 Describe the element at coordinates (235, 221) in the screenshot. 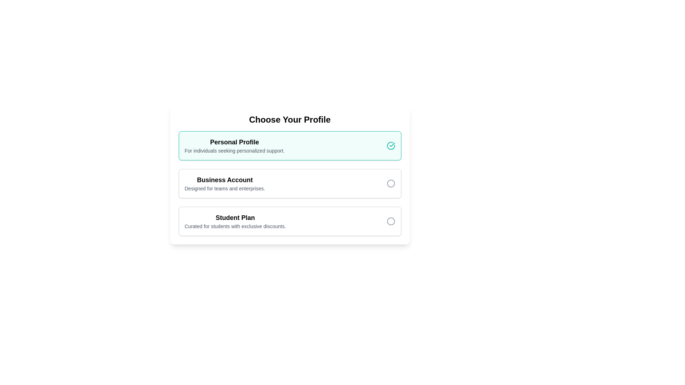

I see `the 'Student Plan' text element that displays 'Curated for students with exclusive discounts.' in a selection option` at that location.